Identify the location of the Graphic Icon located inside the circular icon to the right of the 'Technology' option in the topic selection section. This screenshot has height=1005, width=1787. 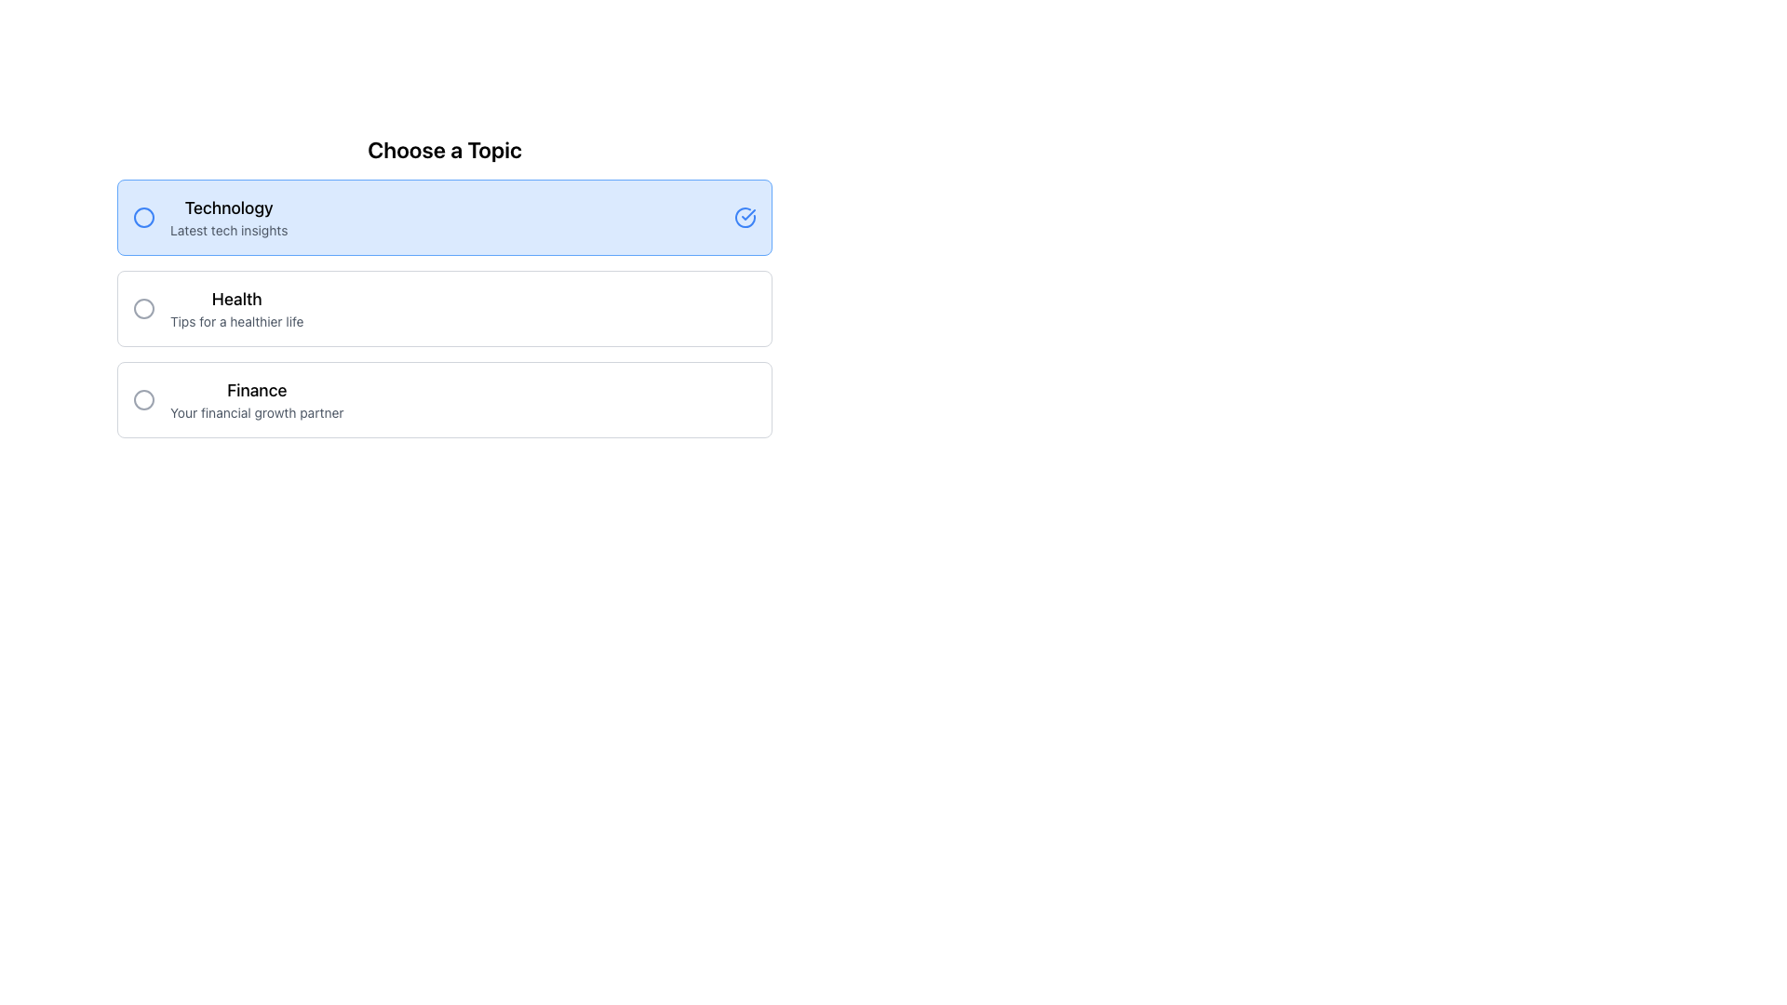
(748, 214).